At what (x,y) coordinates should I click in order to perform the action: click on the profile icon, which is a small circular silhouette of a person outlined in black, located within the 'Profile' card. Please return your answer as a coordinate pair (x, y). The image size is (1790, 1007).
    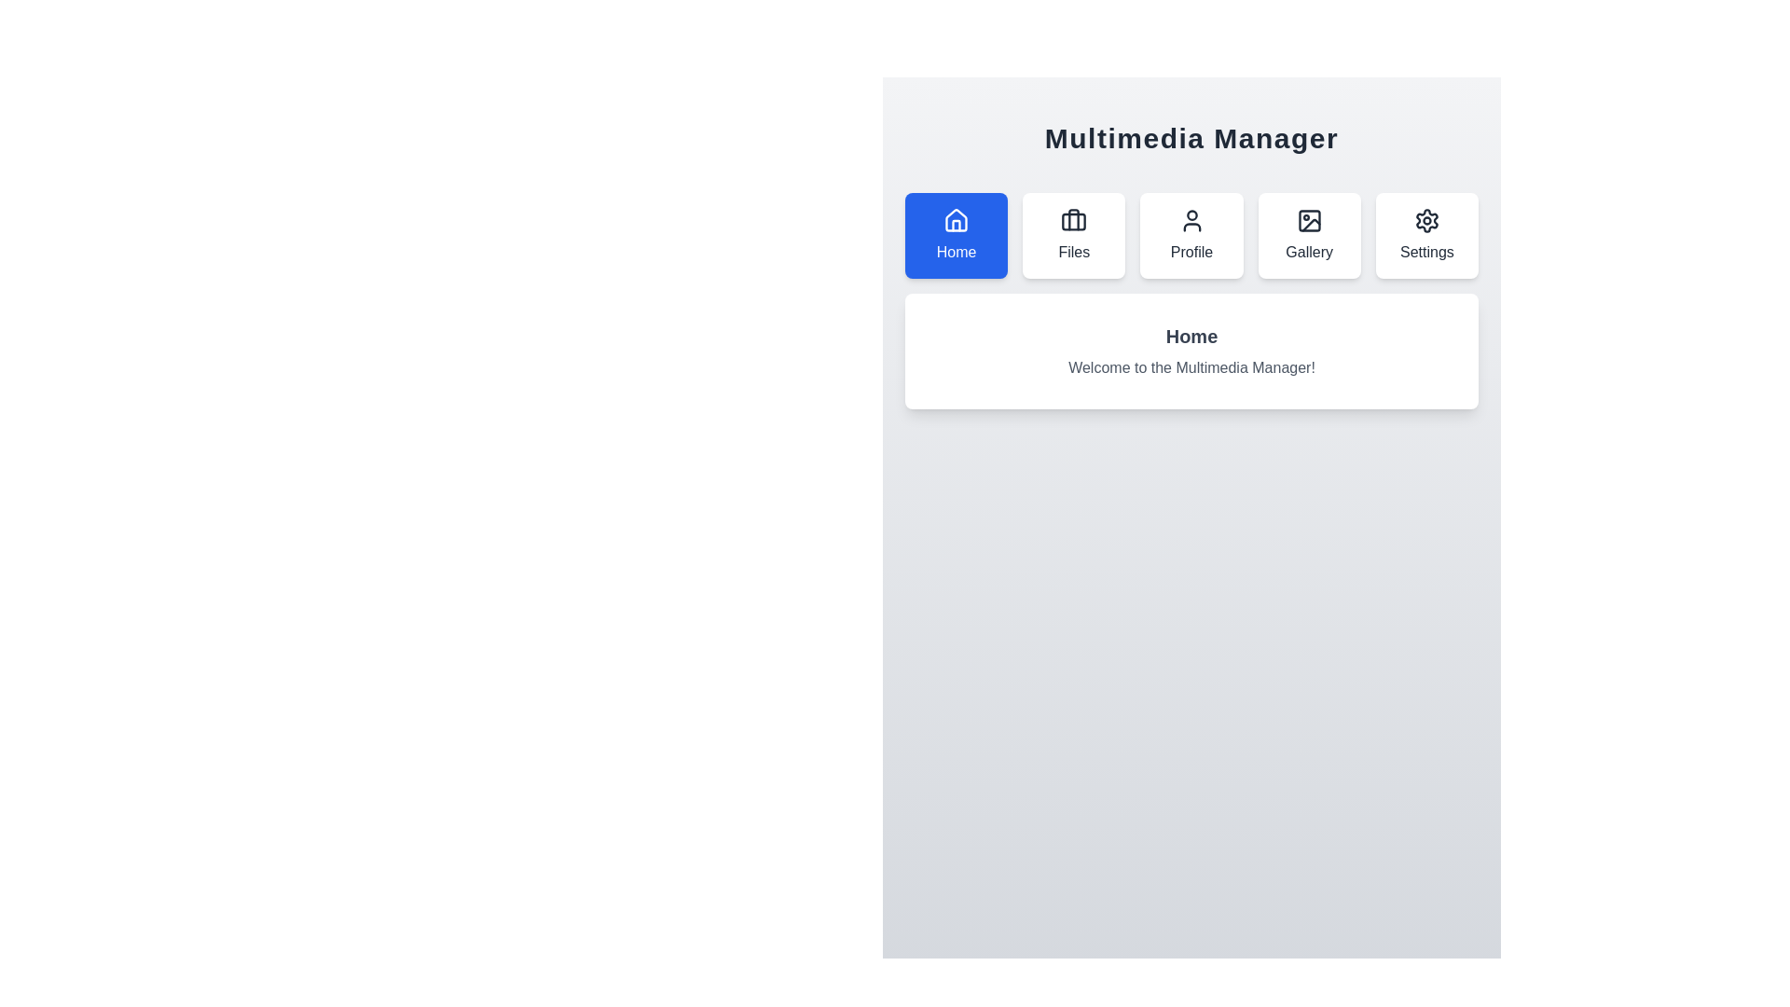
    Looking at the image, I should click on (1191, 219).